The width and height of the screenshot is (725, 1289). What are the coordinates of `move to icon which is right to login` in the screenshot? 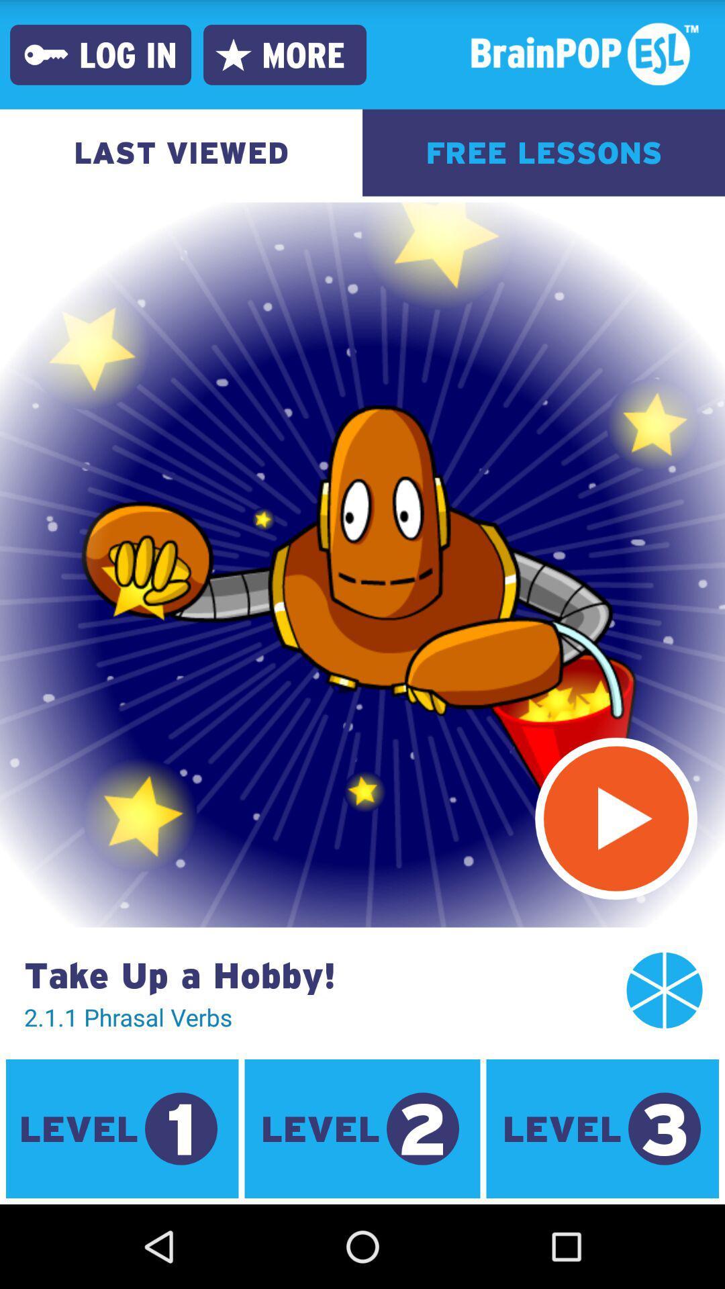 It's located at (232, 54).